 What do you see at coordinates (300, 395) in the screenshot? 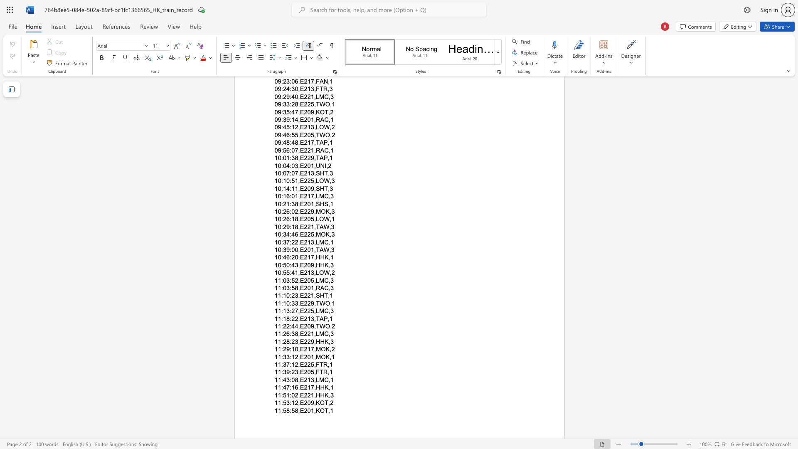
I see `the space between the continuous character "," and "E" in the text` at bounding box center [300, 395].